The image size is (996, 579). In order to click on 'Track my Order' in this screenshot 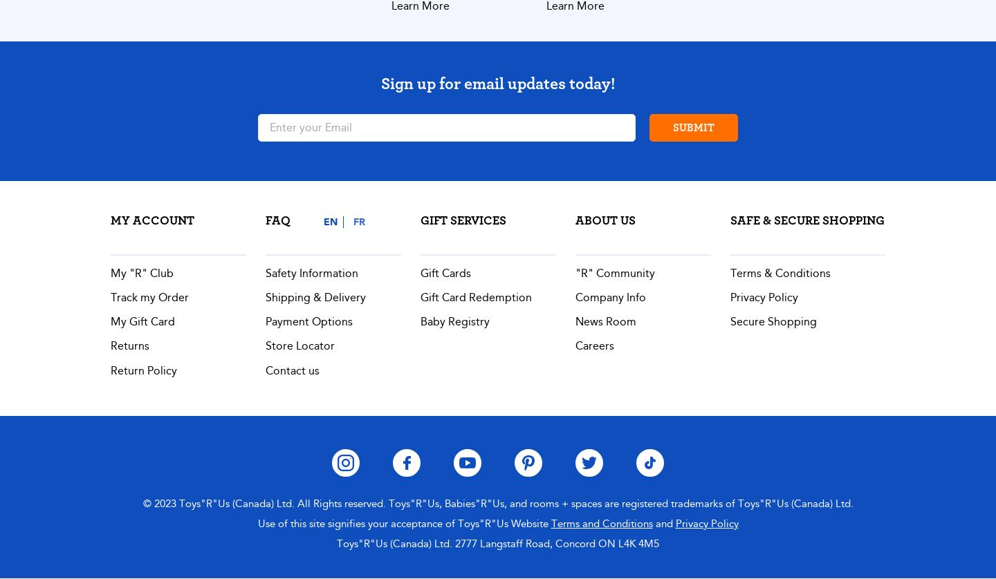, I will do `click(149, 297)`.